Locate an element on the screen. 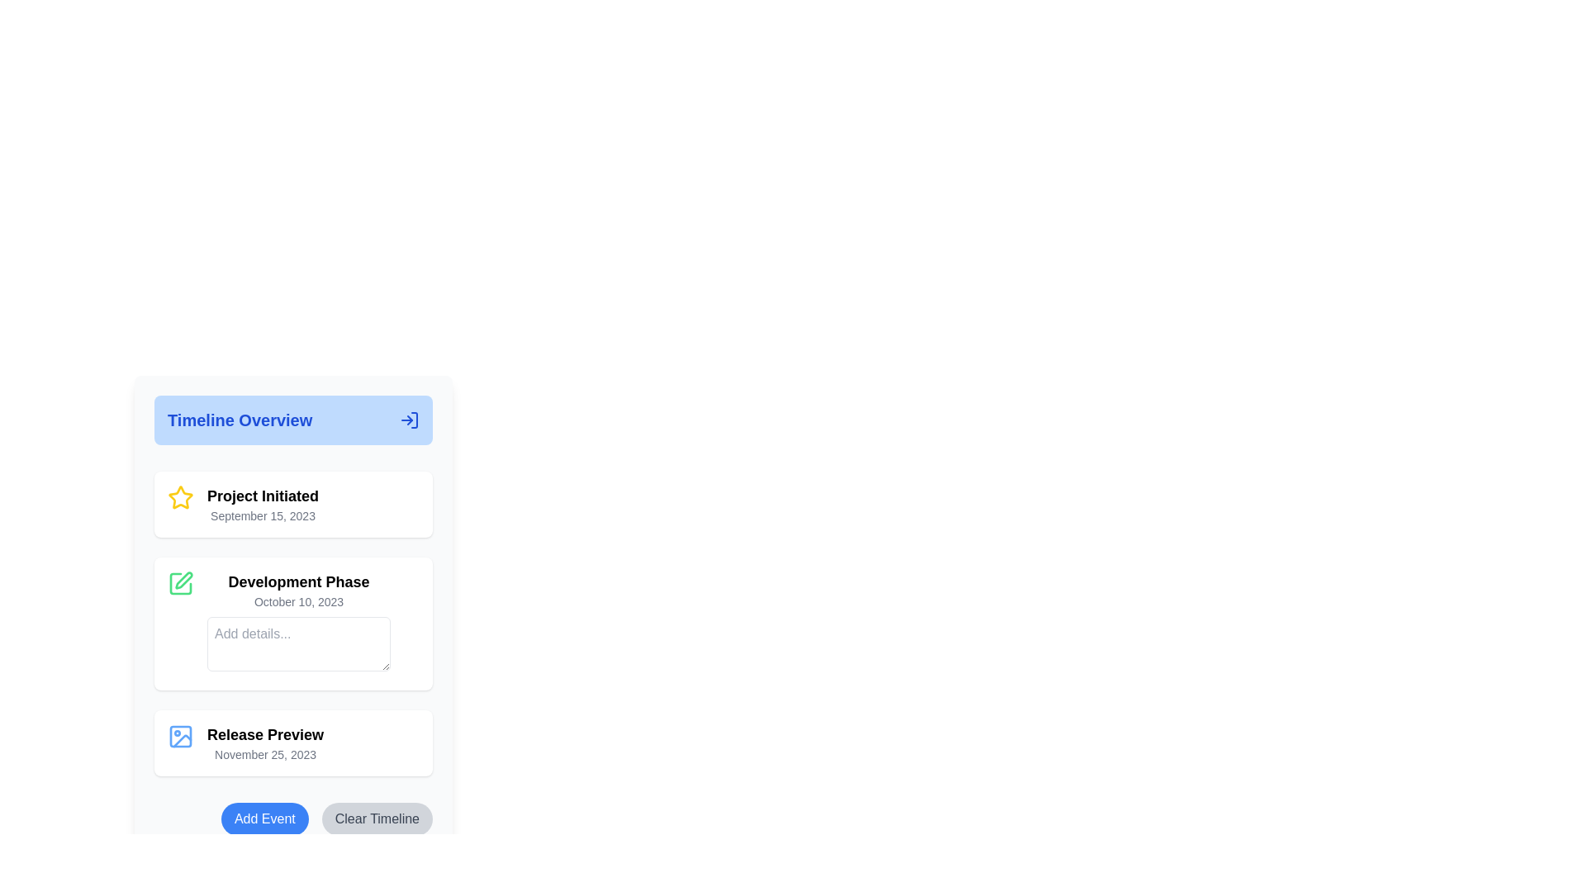 This screenshot has height=892, width=1586. the text label or title that serves as a header, located in a light-blue rounded box at the top of the vertical layout is located at coordinates (239, 420).